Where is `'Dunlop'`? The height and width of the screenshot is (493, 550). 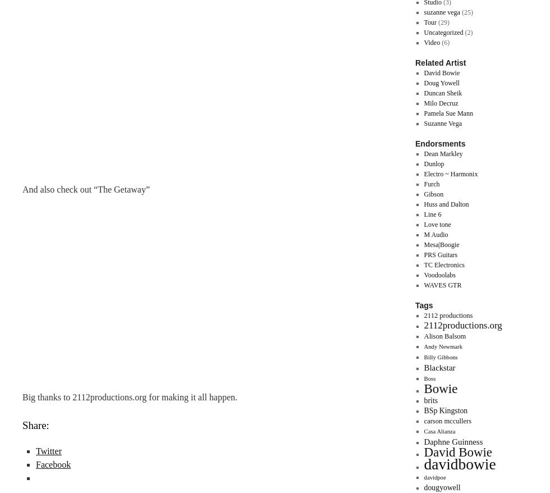 'Dunlop' is located at coordinates (434, 163).